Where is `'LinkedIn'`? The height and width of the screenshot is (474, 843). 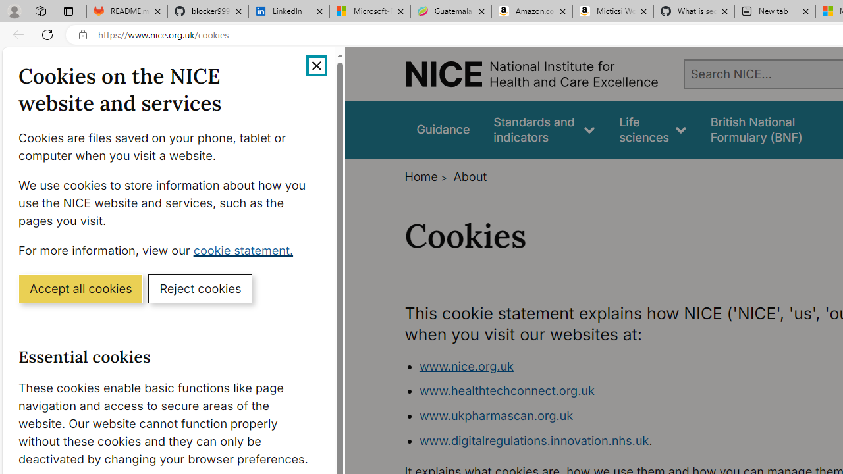
'LinkedIn' is located at coordinates (288, 11).